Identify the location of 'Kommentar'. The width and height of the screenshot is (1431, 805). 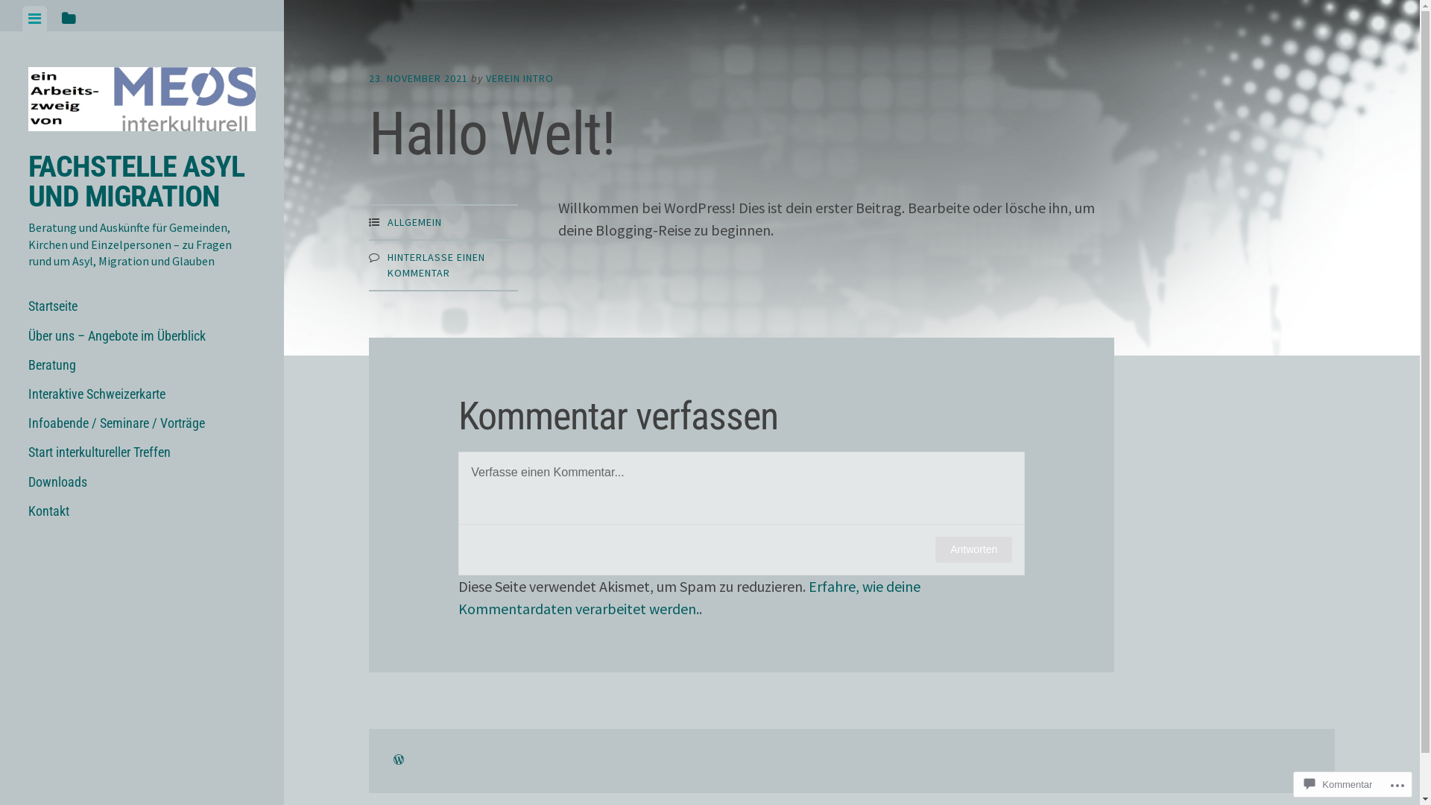
(1338, 783).